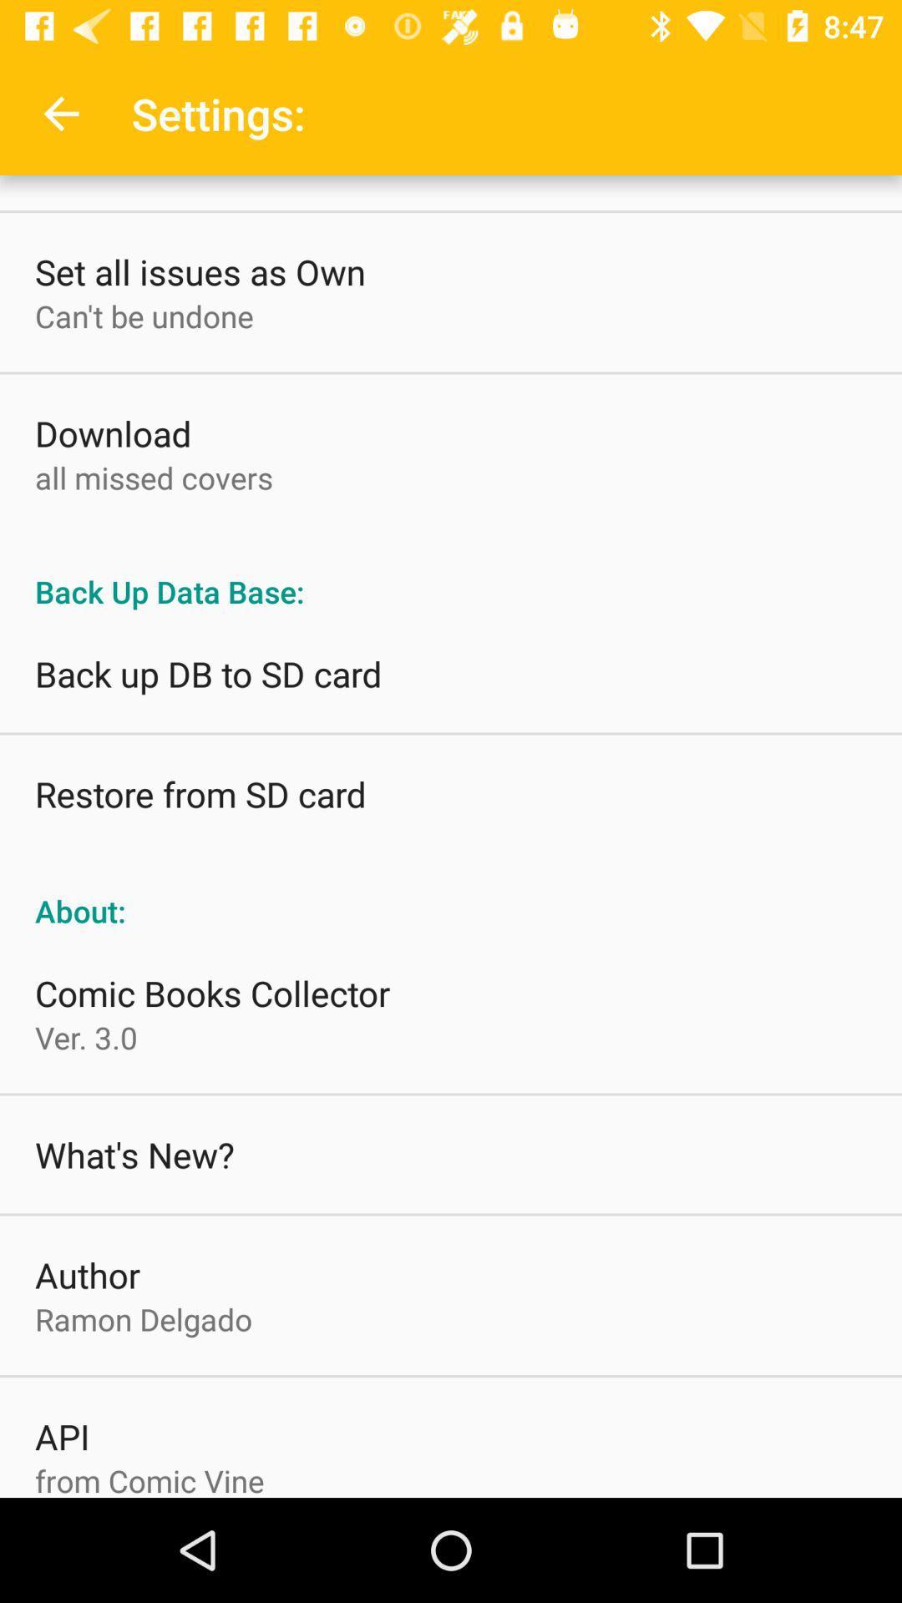  What do you see at coordinates (149, 1479) in the screenshot?
I see `the from comic vine` at bounding box center [149, 1479].